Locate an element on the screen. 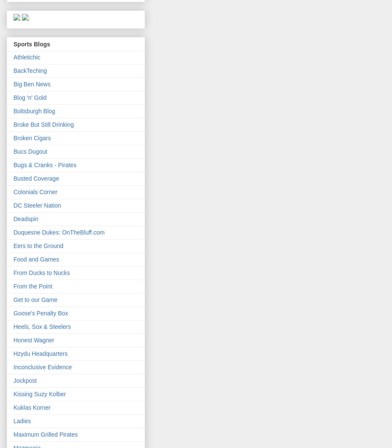  'Kuklas Korner' is located at coordinates (31, 408).